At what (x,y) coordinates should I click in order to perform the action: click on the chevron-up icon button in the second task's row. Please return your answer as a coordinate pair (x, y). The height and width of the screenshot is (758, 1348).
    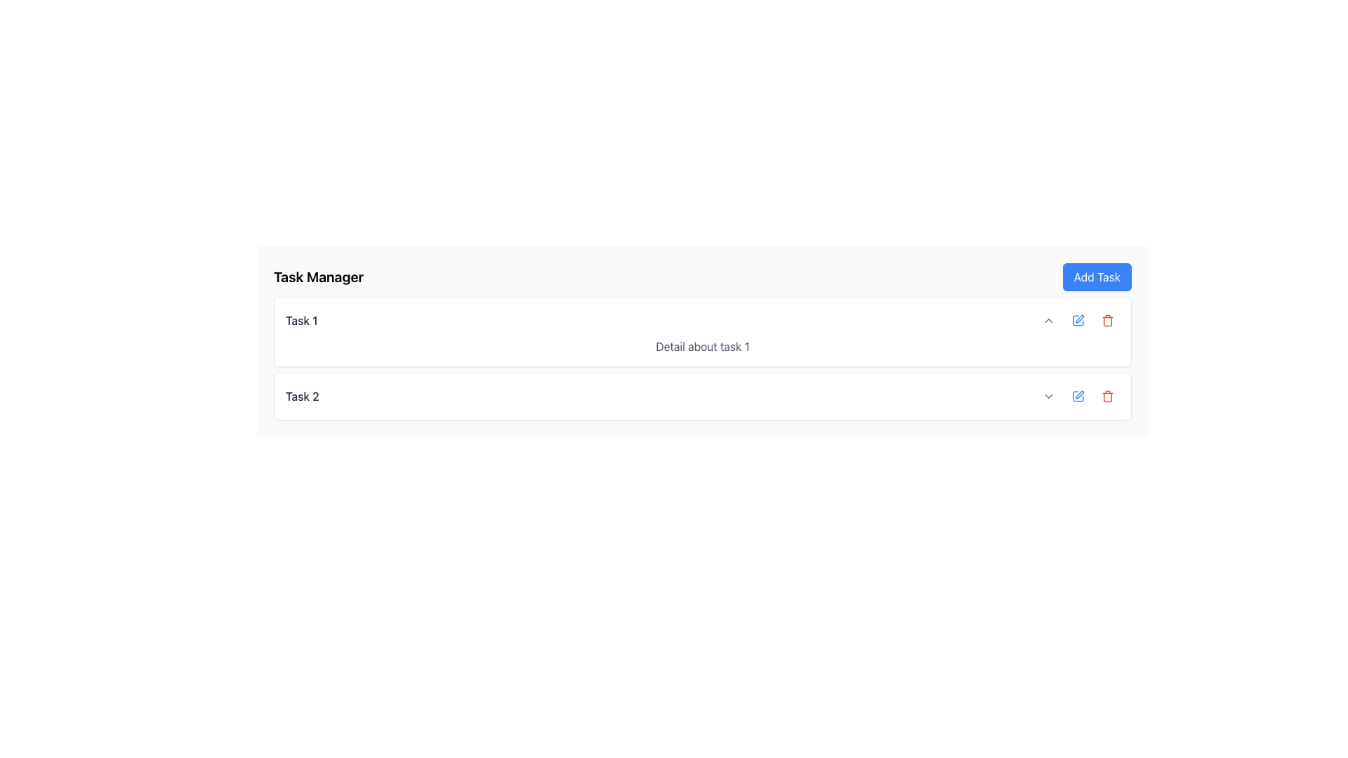
    Looking at the image, I should click on (1048, 320).